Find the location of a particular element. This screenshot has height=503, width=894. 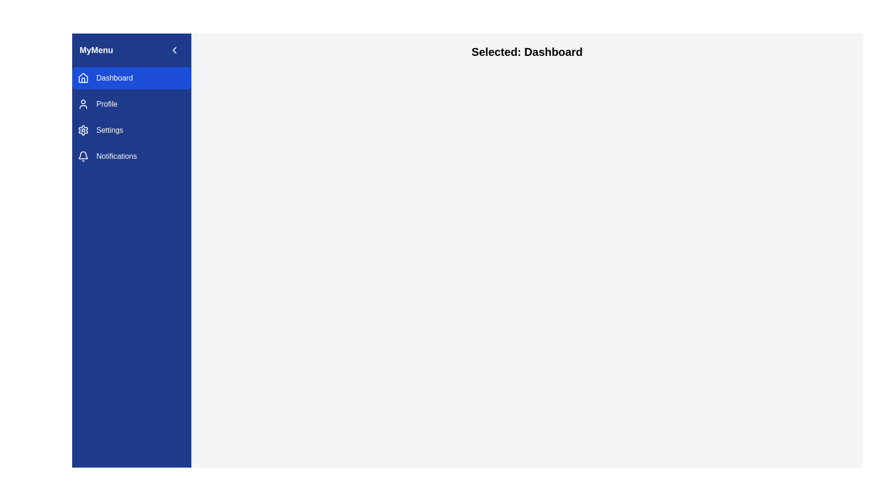

the notification icon located to the left of the 'Notifications' text in the sidebar menu is located at coordinates (83, 156).